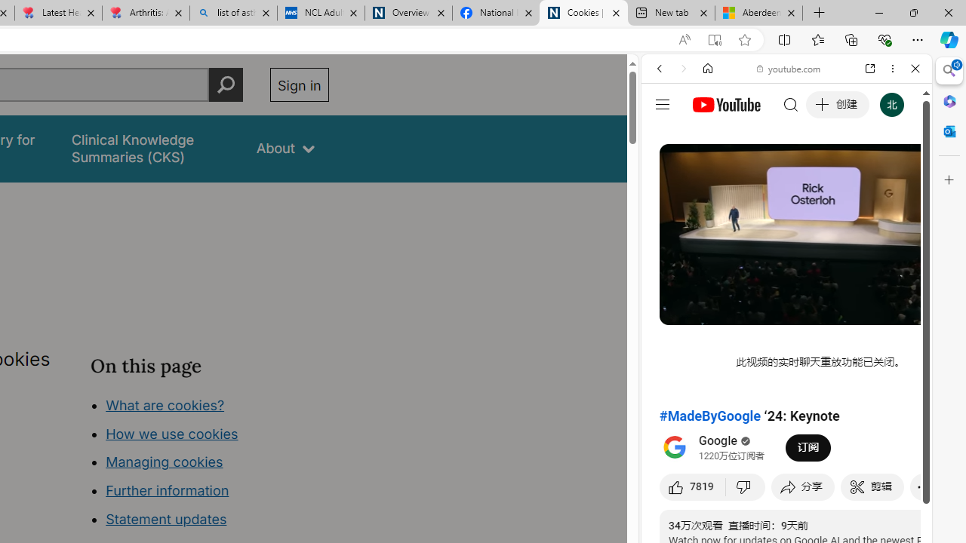 This screenshot has width=966, height=543. What do you see at coordinates (208, 463) in the screenshot?
I see `'Class: in-page-nav__list'` at bounding box center [208, 463].